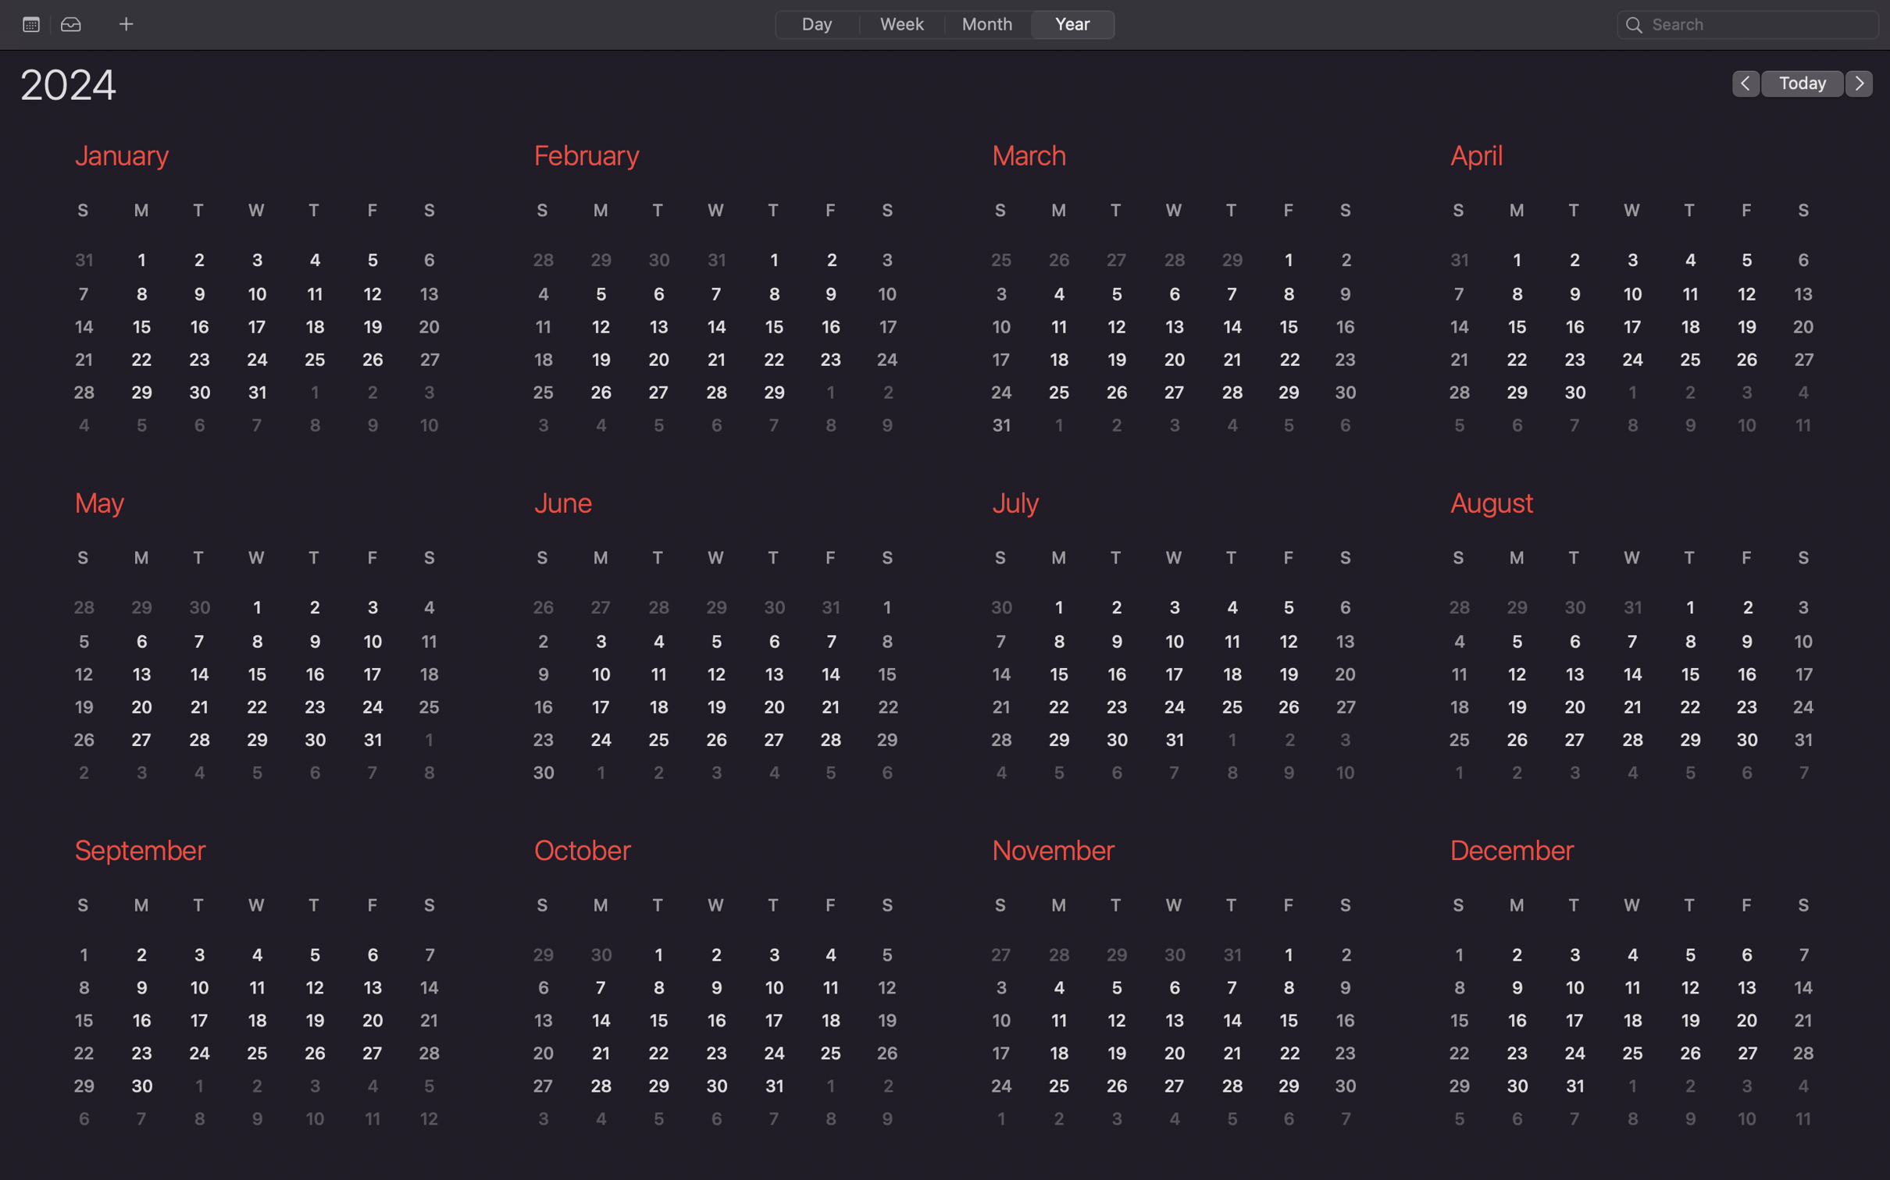 This screenshot has height=1180, width=1890. What do you see at coordinates (1625, 641) in the screenshot?
I see `and open the month of August from the calendar` at bounding box center [1625, 641].